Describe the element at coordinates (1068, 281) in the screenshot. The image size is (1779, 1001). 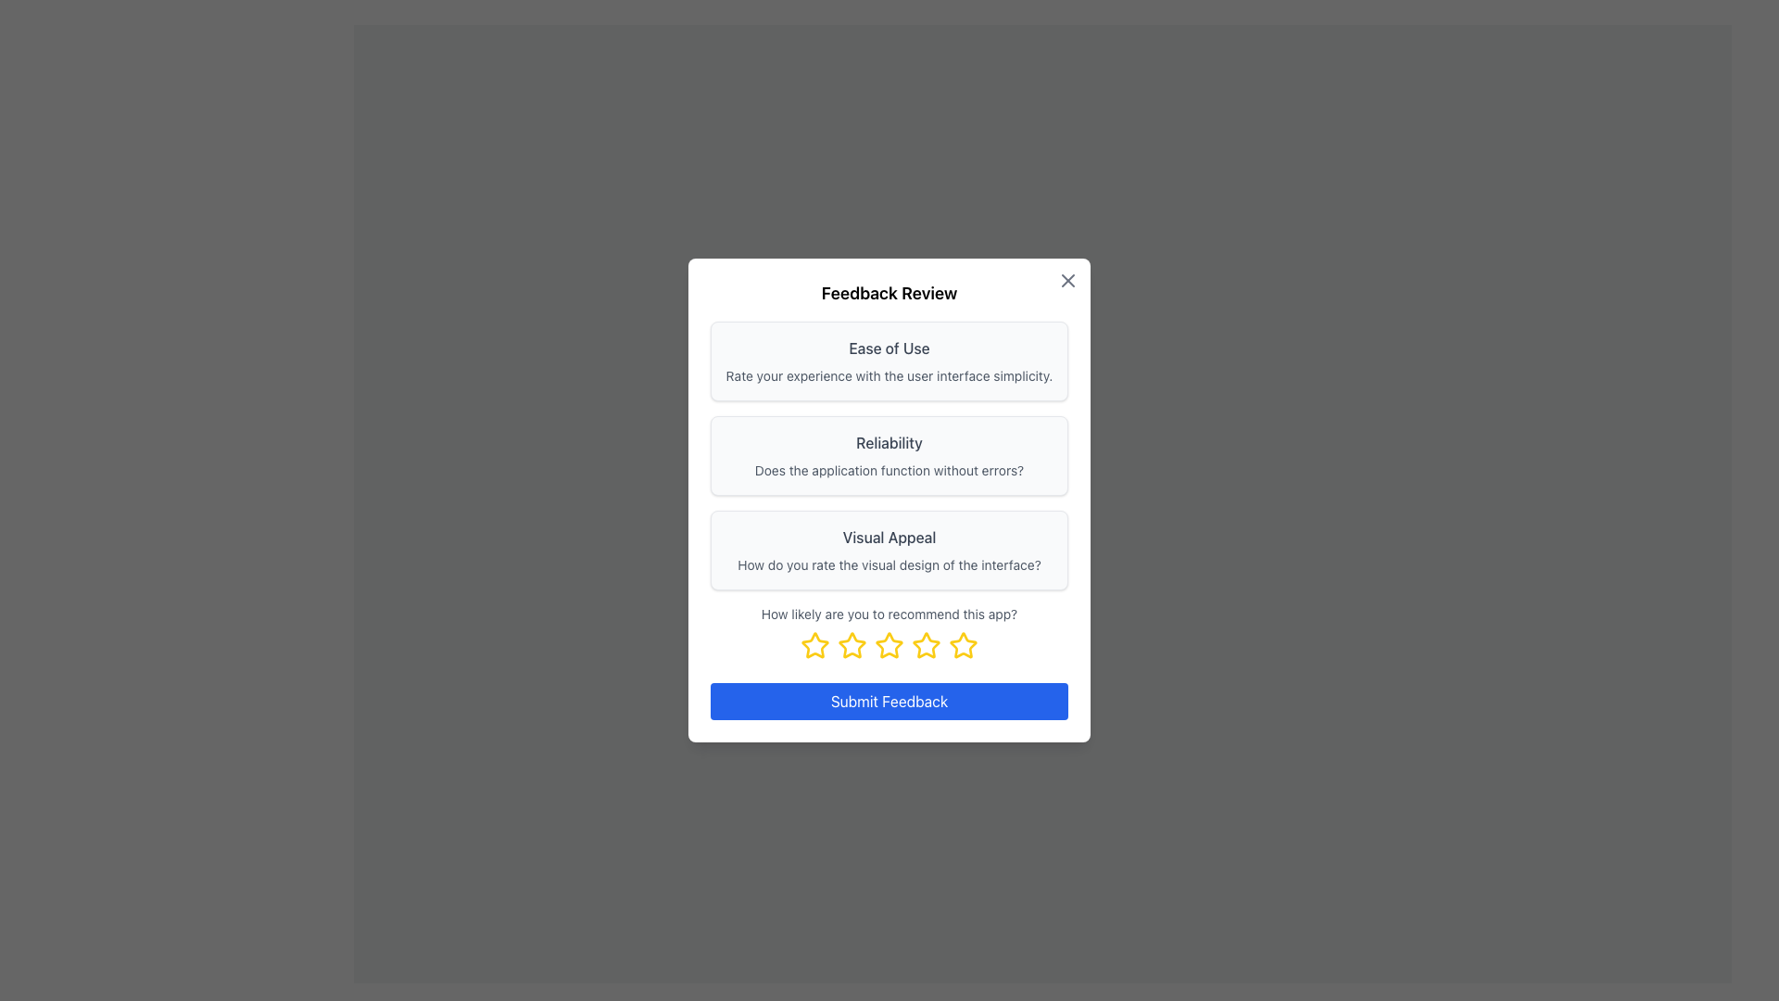
I see `the close button located at the top-right corner of the feedback modal` at that location.